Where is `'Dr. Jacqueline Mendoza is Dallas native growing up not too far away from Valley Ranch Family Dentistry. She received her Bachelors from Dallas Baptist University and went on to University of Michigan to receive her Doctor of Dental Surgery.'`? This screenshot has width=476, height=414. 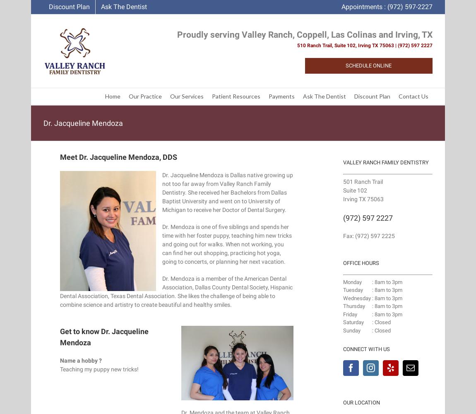 'Dr. Jacqueline Mendoza is Dallas native growing up not too far away from Valley Ranch Family Dentistry. She received her Bachelors from Dallas Baptist University and went on to University of Michigan to receive her Doctor of Dental Surgery.' is located at coordinates (228, 192).